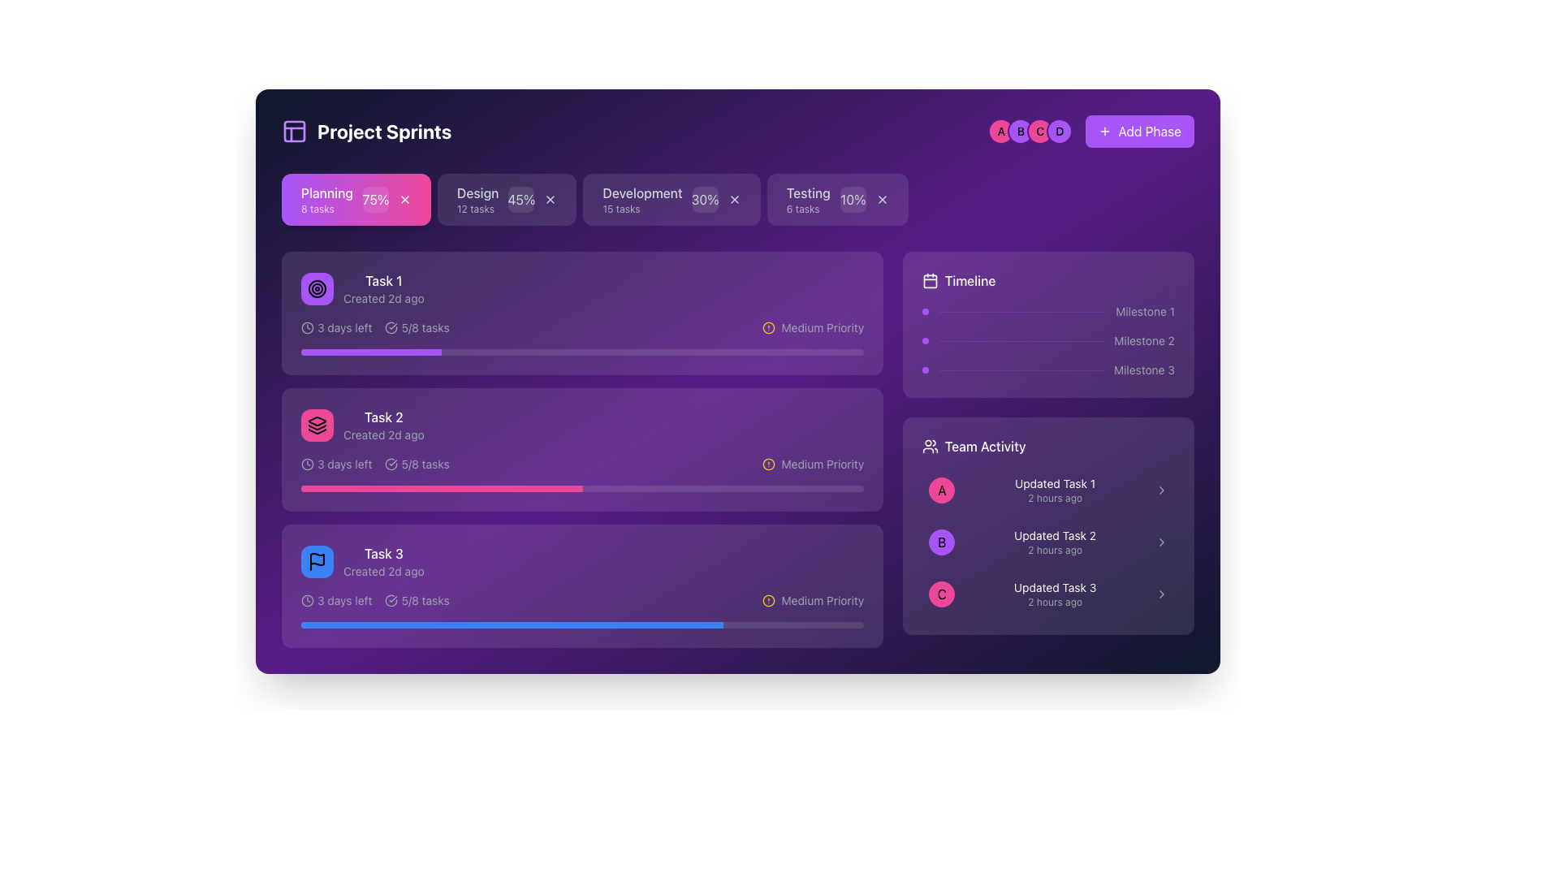  I want to click on the black icon consisting of three horizontally-stacked parallelogram shapes inside a circular pink background, so click(317, 425).